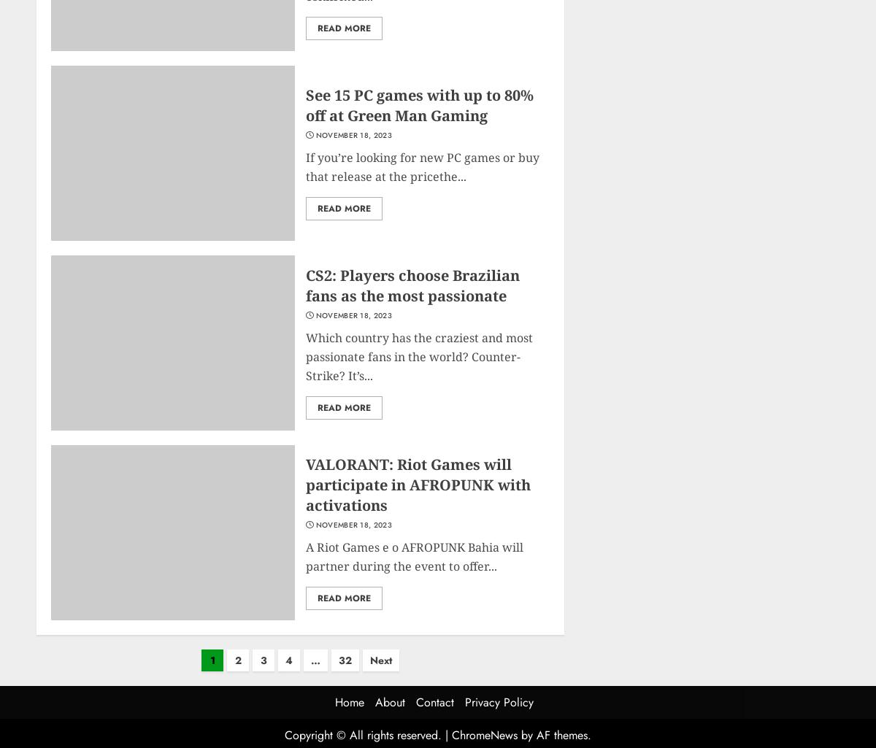  I want to click on 'See 15 PC games with up to 80% off at Green Man Gaming', so click(306, 104).